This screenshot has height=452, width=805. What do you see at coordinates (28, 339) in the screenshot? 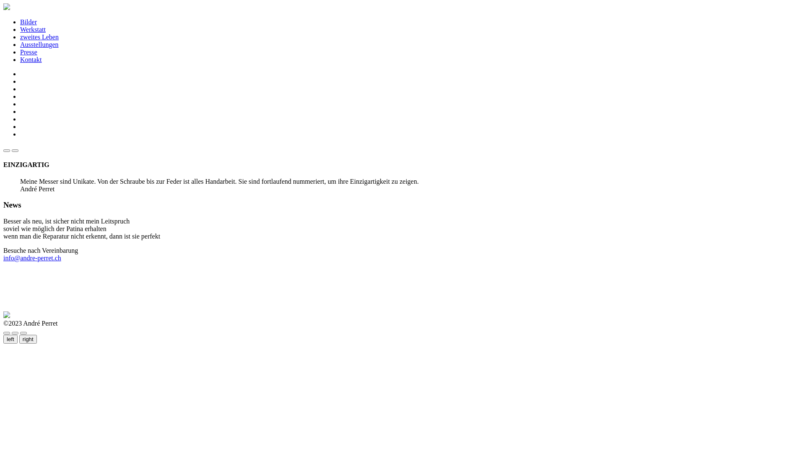
I see `'right'` at bounding box center [28, 339].